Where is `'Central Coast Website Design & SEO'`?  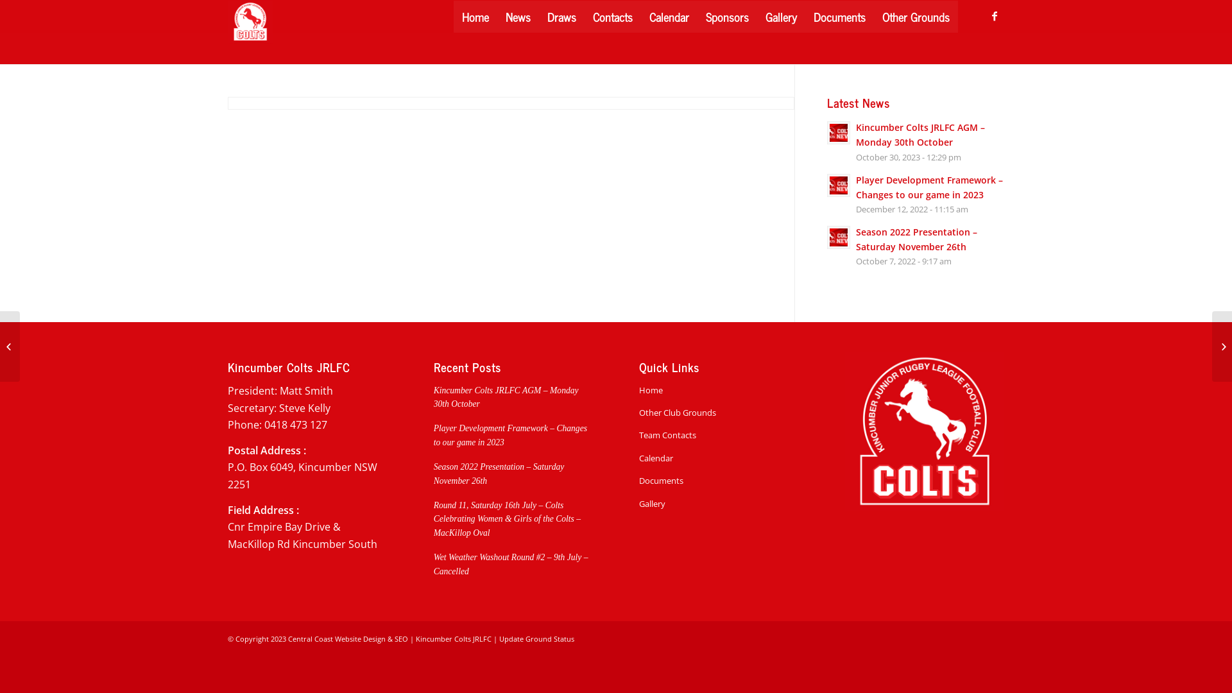 'Central Coast Website Design & SEO' is located at coordinates (348, 638).